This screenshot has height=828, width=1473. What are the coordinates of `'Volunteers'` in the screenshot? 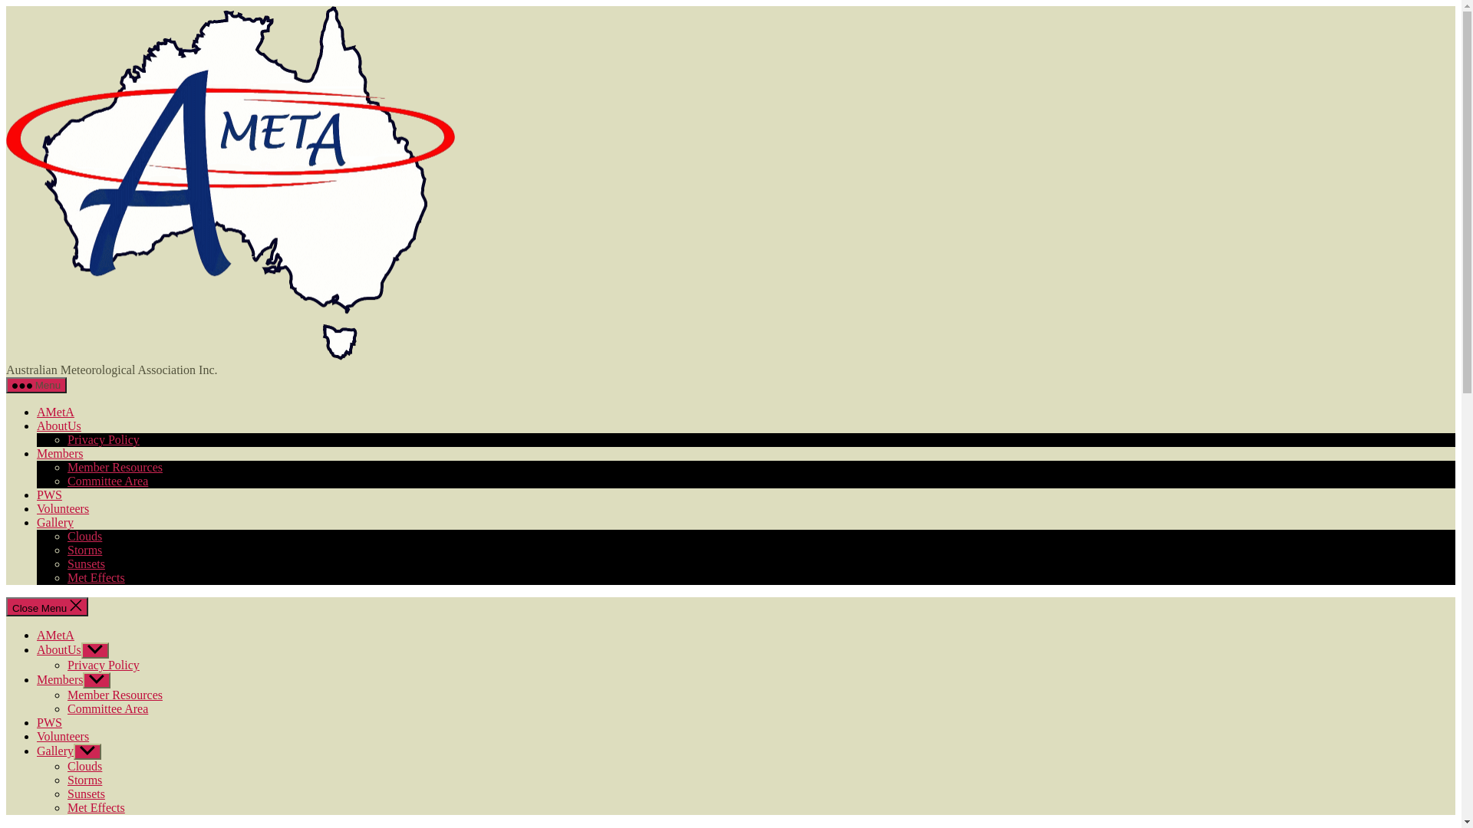 It's located at (61, 735).